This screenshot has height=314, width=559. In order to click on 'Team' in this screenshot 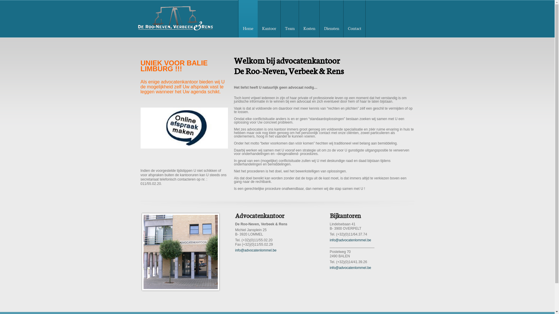, I will do `click(290, 18)`.